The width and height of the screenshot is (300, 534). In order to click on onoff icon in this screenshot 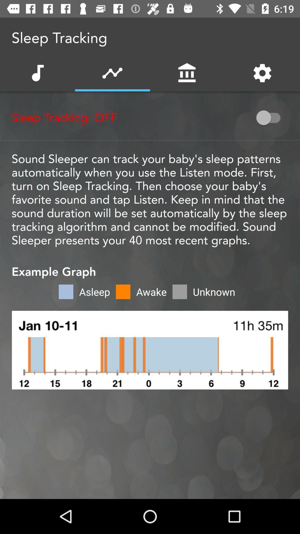, I will do `click(271, 117)`.